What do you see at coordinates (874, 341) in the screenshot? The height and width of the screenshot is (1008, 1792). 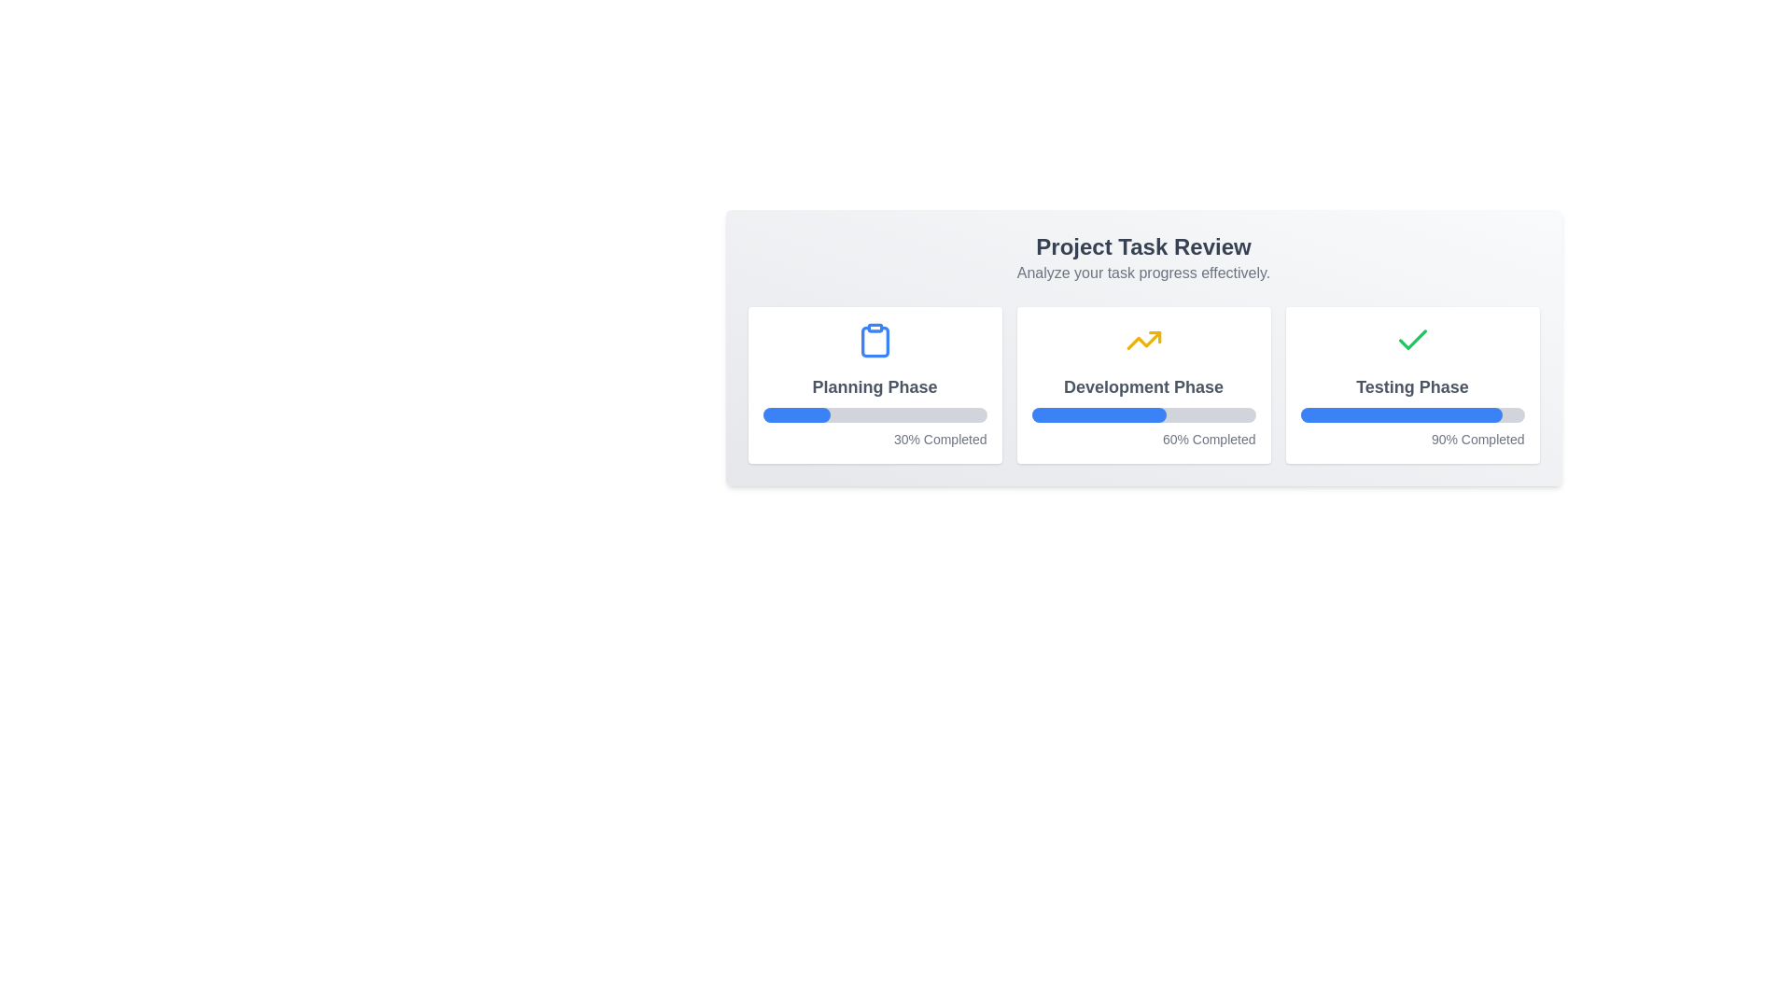 I see `the Planning Phase icon located above the Planning Phase text and progress bar in the Project Task Review component` at bounding box center [874, 341].